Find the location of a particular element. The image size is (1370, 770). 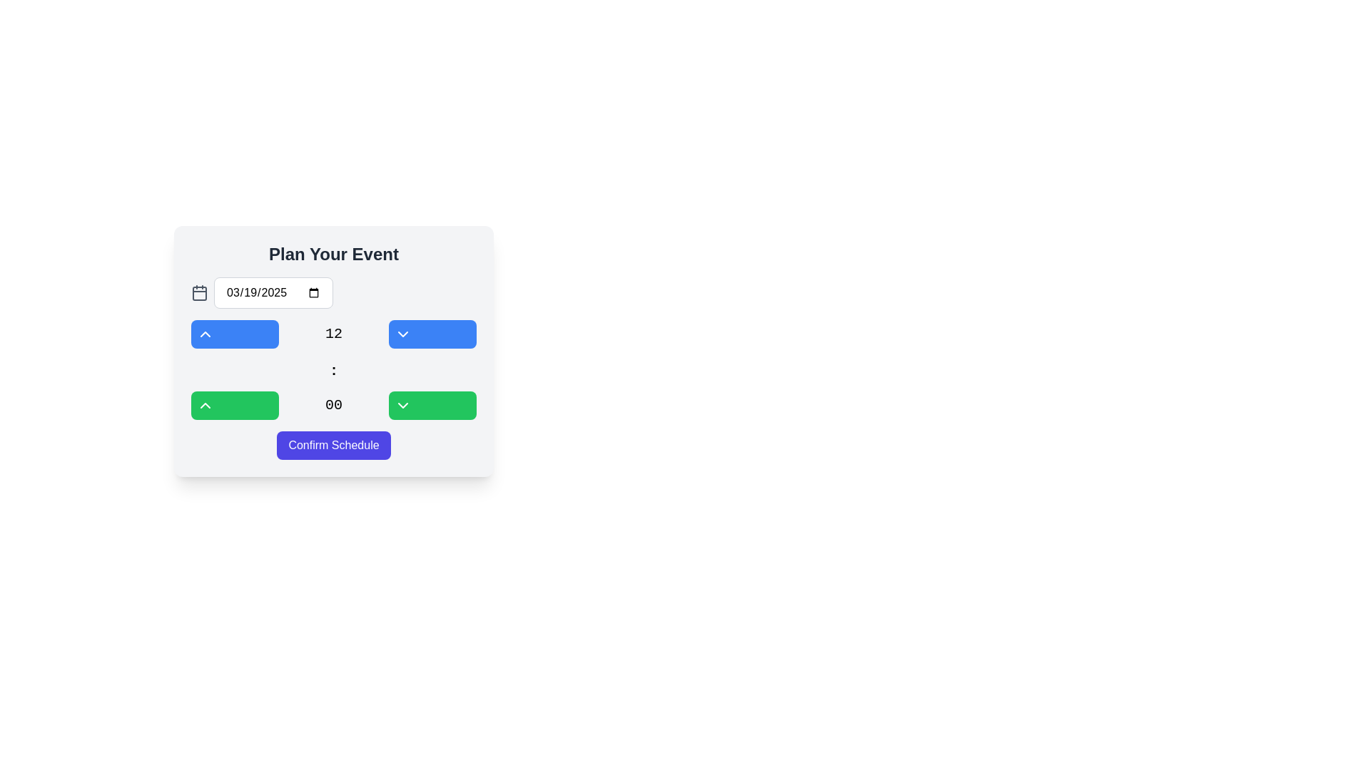

the chevron-shaped arrow SVG icon, which is visually centered within a blue rectangular button located on the left part of the interface is located at coordinates (205, 334).